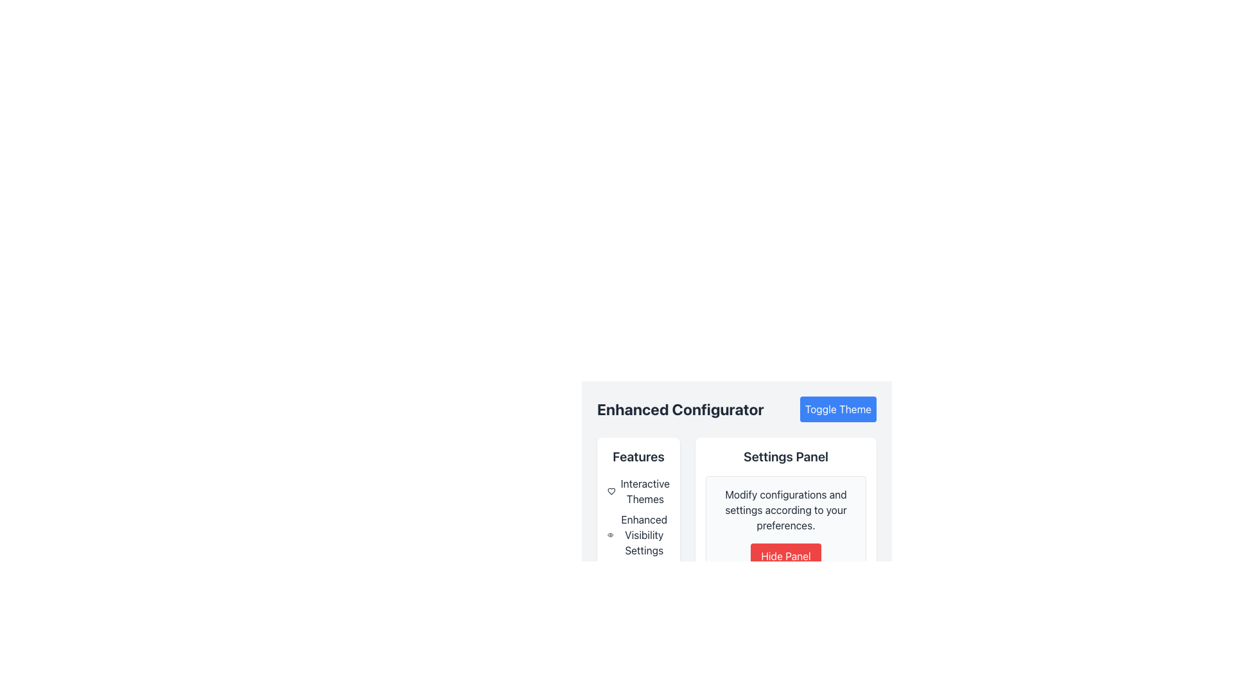 This screenshot has width=1233, height=693. I want to click on the decorative icon located in the top-left section of the 'Features' sidebar, adjacent to the 'Interactive Themes' label, so click(611, 491).